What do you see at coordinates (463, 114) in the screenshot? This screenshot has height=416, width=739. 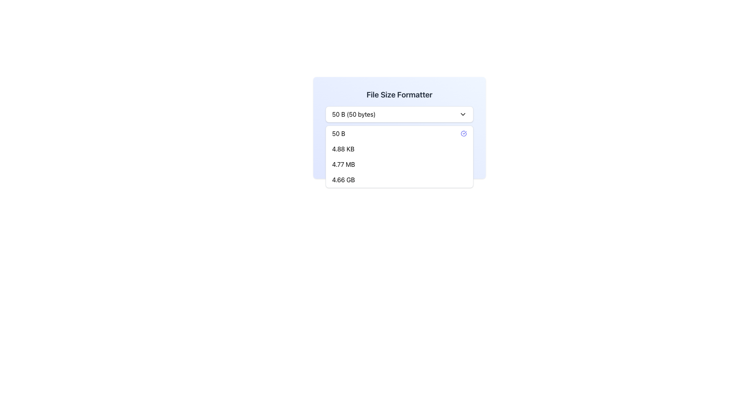 I see `the chevron icon-based dropdown trigger next to the text '50 B (50 bytes)'` at bounding box center [463, 114].